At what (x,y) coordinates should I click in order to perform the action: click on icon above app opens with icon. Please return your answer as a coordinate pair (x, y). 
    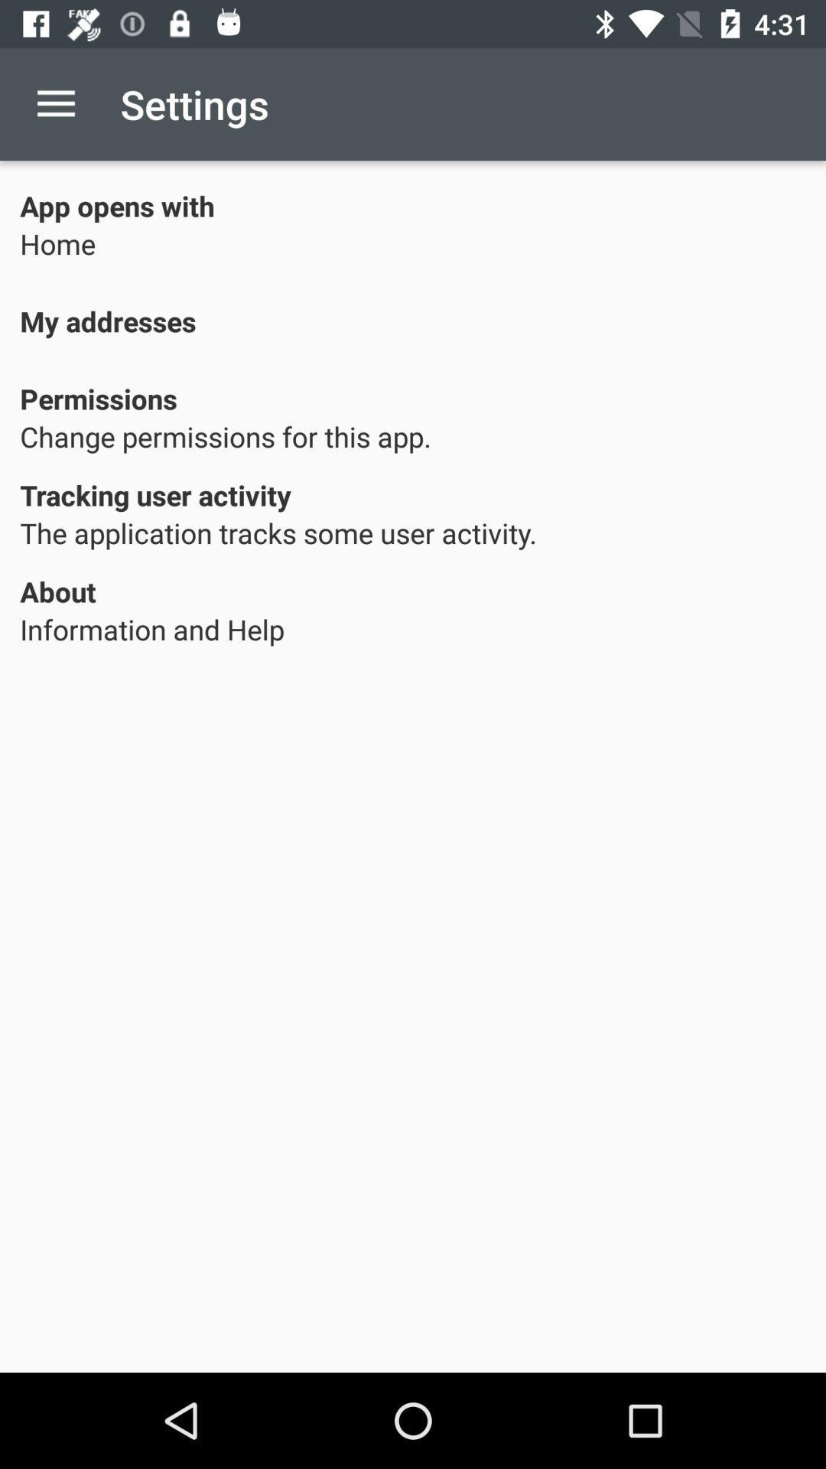
    Looking at the image, I should click on (55, 103).